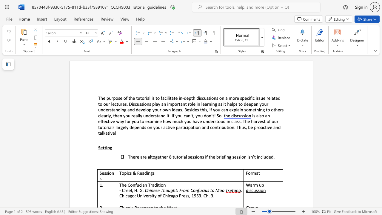  Describe the element at coordinates (194, 127) in the screenshot. I see `the 2th character "t" in the text` at that location.